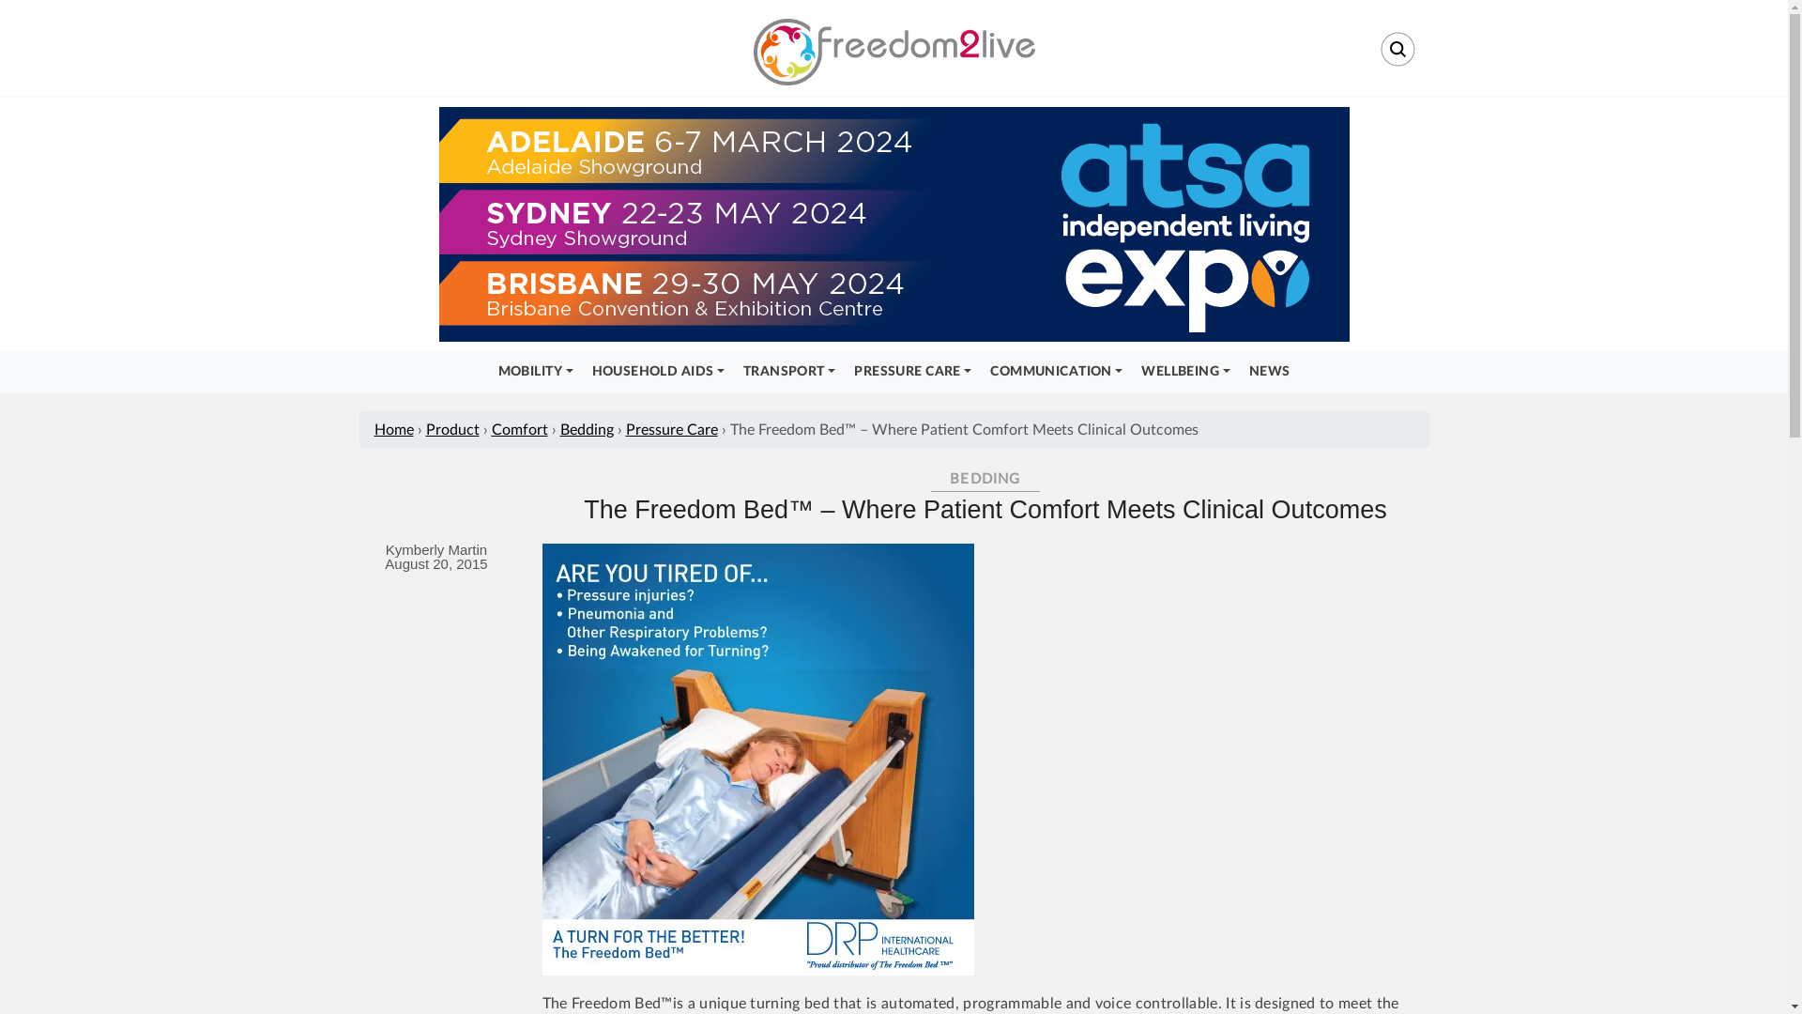 This screenshot has width=1802, height=1014. What do you see at coordinates (374, 430) in the screenshot?
I see `'Home'` at bounding box center [374, 430].